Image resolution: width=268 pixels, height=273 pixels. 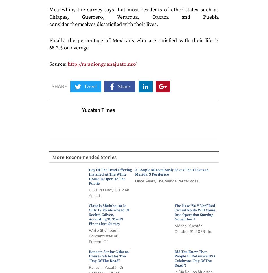 What do you see at coordinates (172, 172) in the screenshot?
I see `'A couple miraculously saves their lives in Merida´s Periferico'` at bounding box center [172, 172].